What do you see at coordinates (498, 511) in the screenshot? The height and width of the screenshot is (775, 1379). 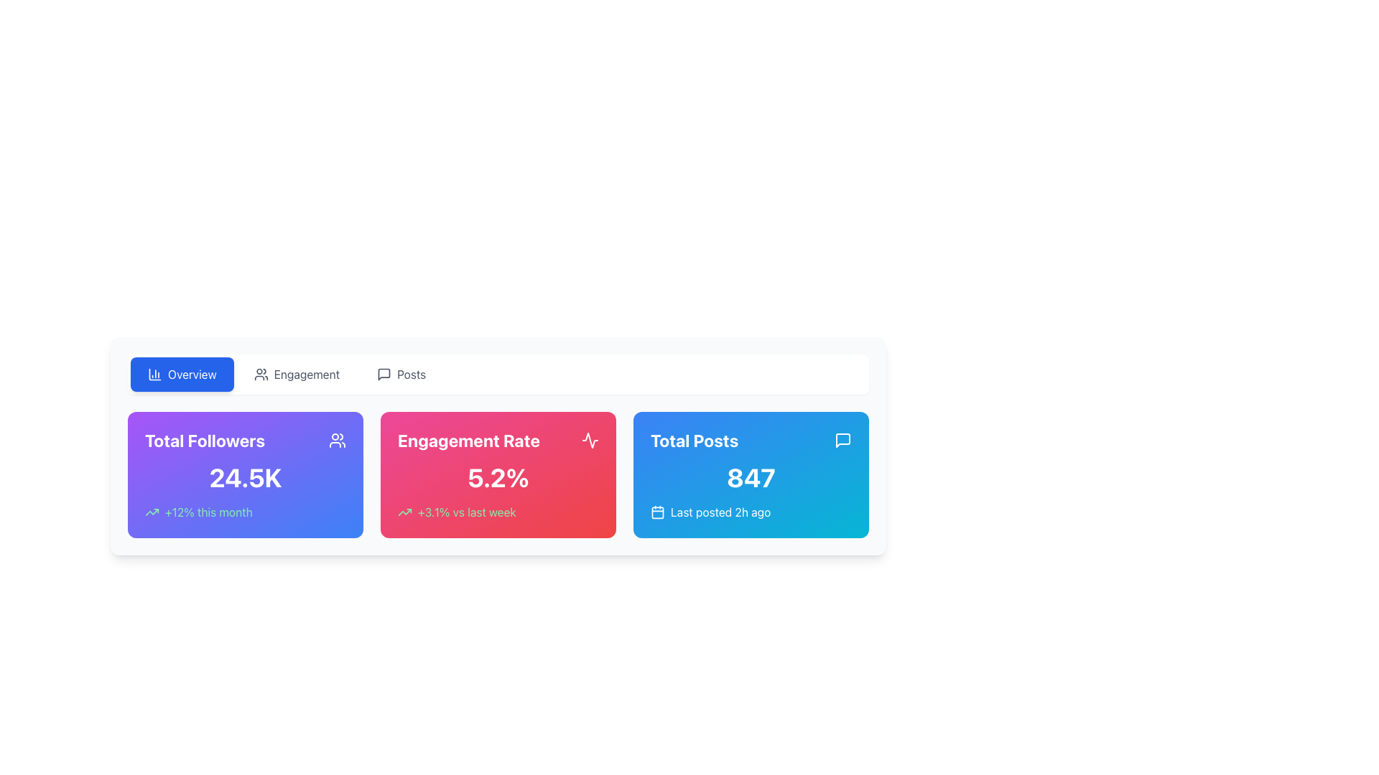 I see `the Text Label with Icon that displays the change percentage '+3.1% vs last week', styled in green with an arrow icon, located in the card below the bold percentage value '5.2%' in the red 'Engagement Rate' card` at bounding box center [498, 511].